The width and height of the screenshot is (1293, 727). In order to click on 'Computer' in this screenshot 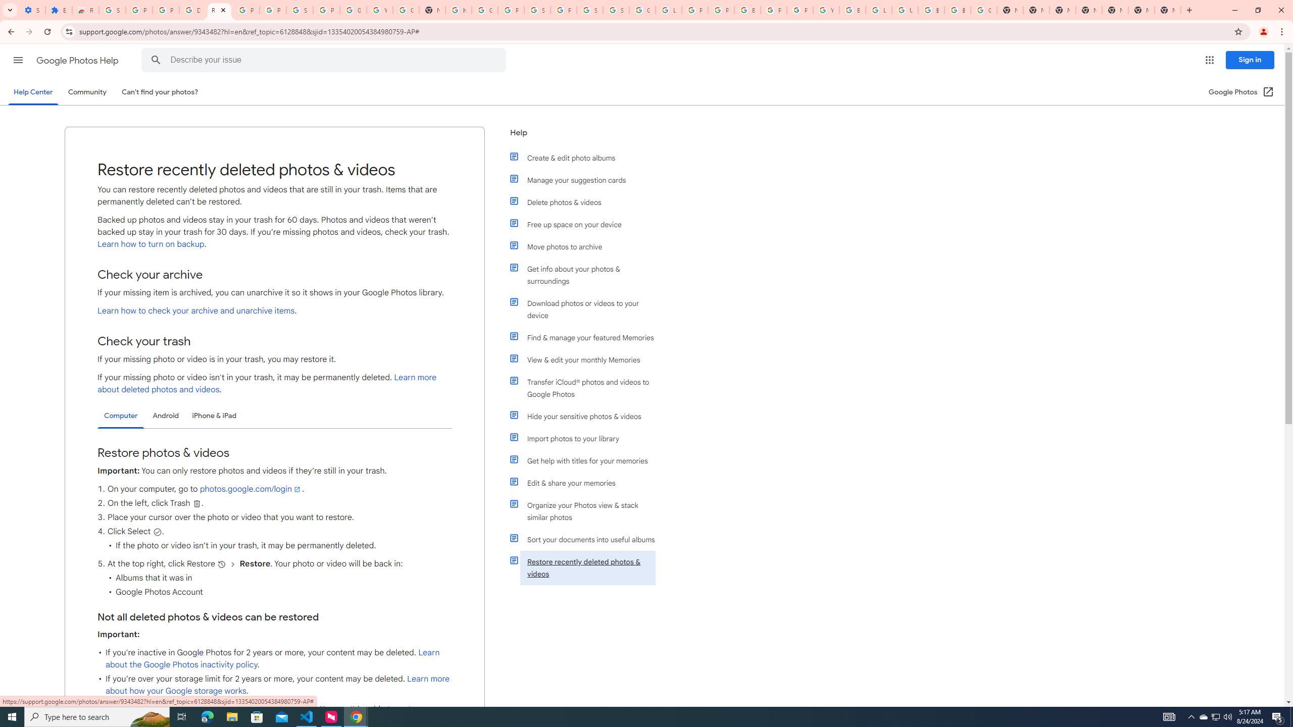, I will do `click(121, 416)`.